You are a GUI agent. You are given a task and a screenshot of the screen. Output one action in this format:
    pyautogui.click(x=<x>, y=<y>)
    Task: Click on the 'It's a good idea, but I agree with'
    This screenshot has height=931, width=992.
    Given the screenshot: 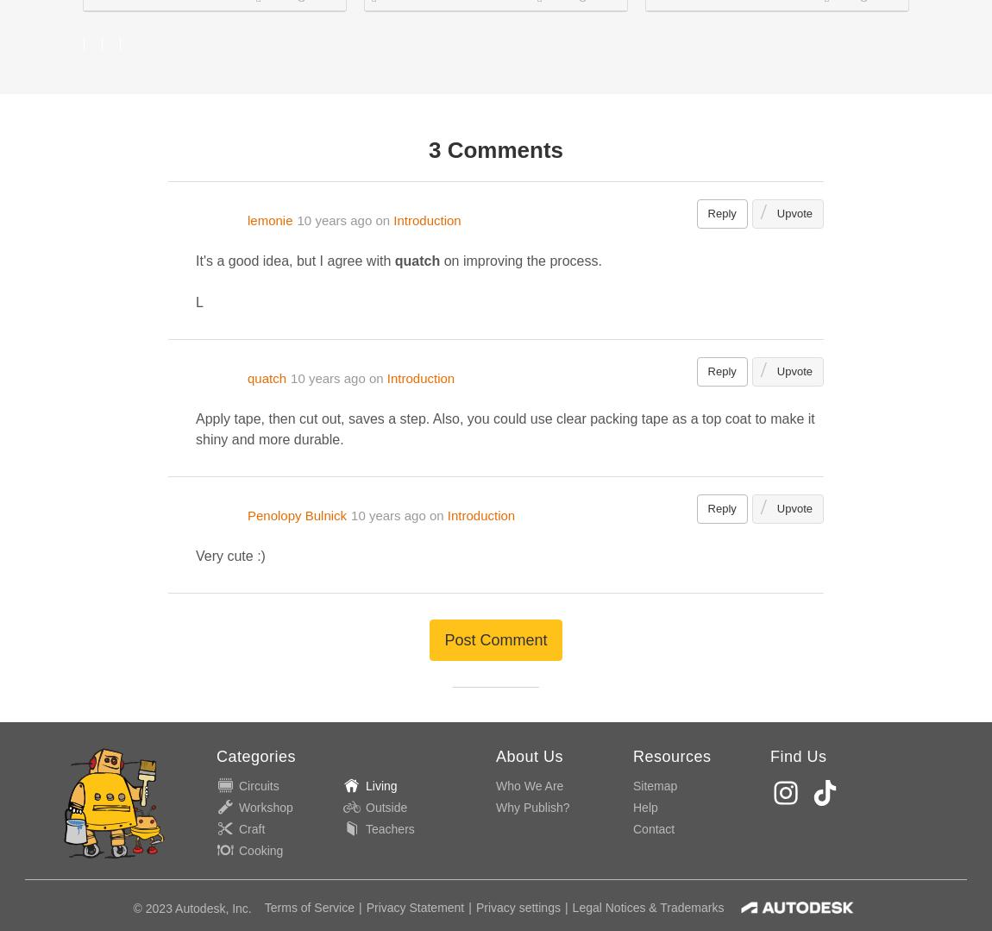 What is the action you would take?
    pyautogui.click(x=195, y=260)
    